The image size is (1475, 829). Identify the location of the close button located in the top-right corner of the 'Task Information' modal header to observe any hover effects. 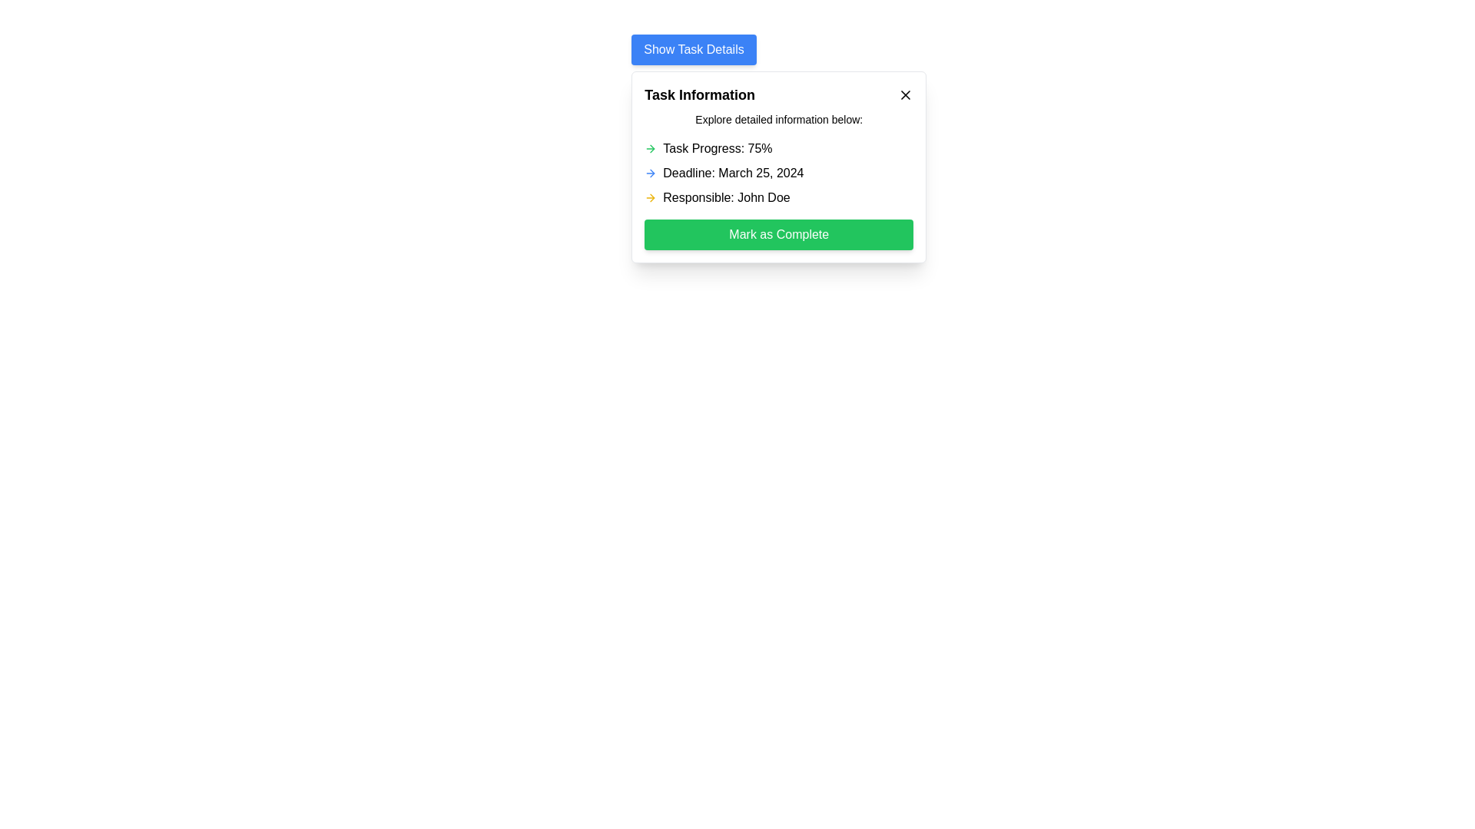
(906, 94).